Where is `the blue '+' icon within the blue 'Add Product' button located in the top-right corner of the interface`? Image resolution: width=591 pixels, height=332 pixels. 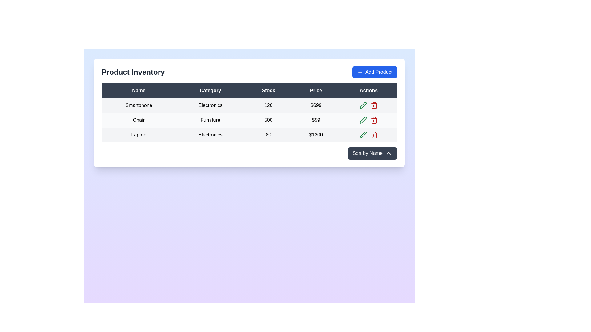
the blue '+' icon within the blue 'Add Product' button located in the top-right corner of the interface is located at coordinates (360, 72).